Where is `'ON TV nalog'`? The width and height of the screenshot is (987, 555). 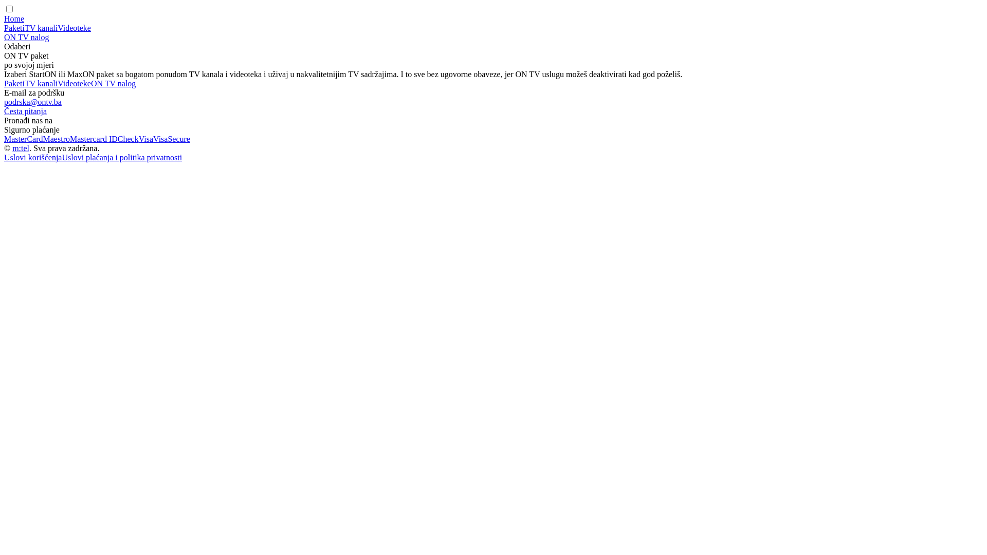 'ON TV nalog' is located at coordinates (91, 83).